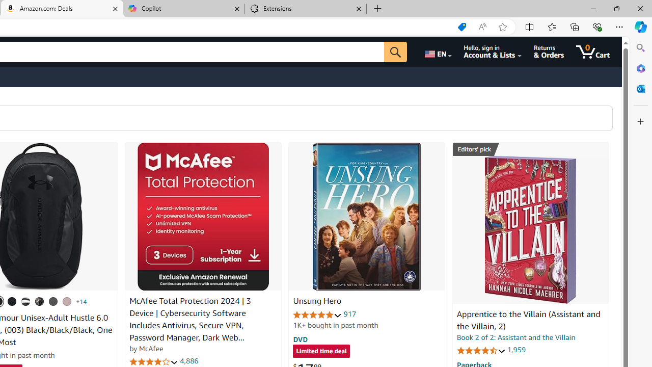 The height and width of the screenshot is (367, 652). I want to click on '1,959', so click(516, 349).